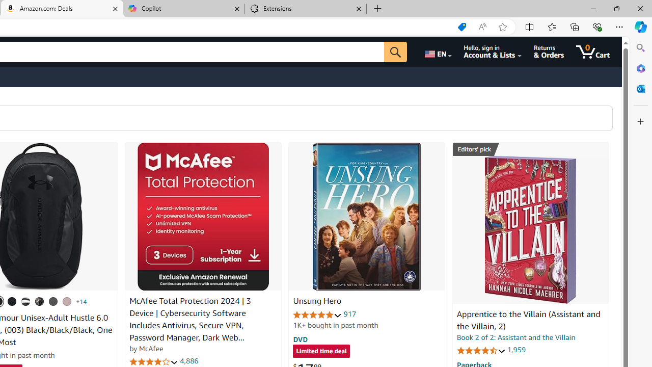 The height and width of the screenshot is (367, 652). I want to click on '1,959', so click(516, 349).